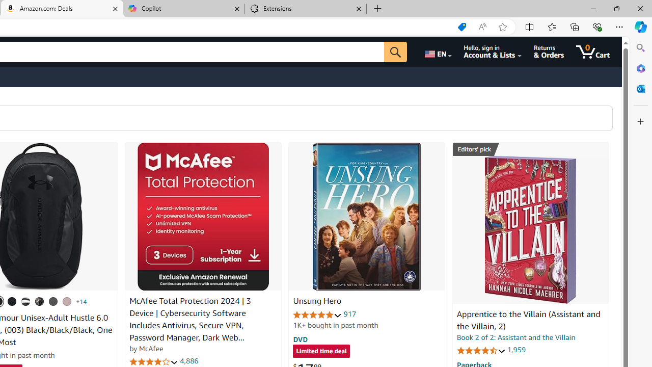 The height and width of the screenshot is (367, 652). I want to click on '1,959', so click(516, 349).